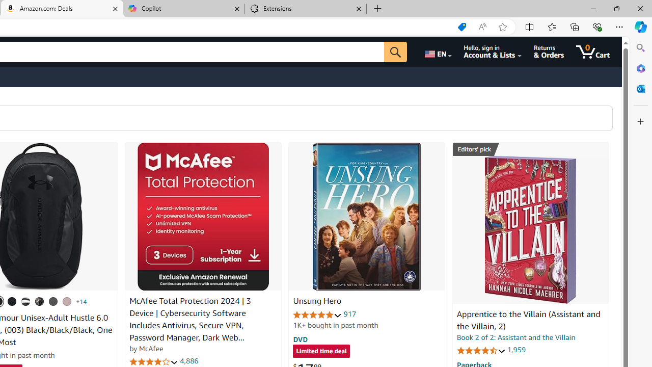 The height and width of the screenshot is (367, 652). I want to click on '1,959', so click(516, 349).